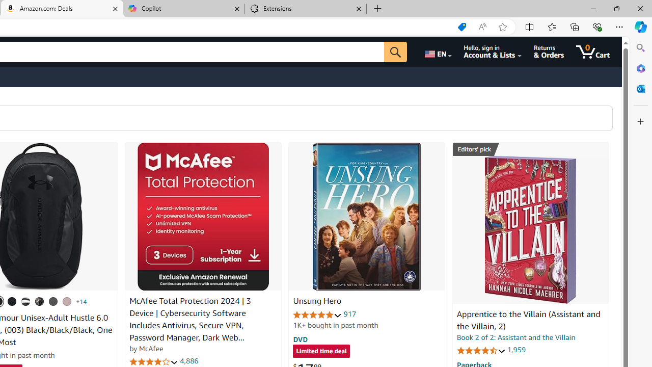 The height and width of the screenshot is (367, 652). I want to click on '1,959', so click(516, 349).